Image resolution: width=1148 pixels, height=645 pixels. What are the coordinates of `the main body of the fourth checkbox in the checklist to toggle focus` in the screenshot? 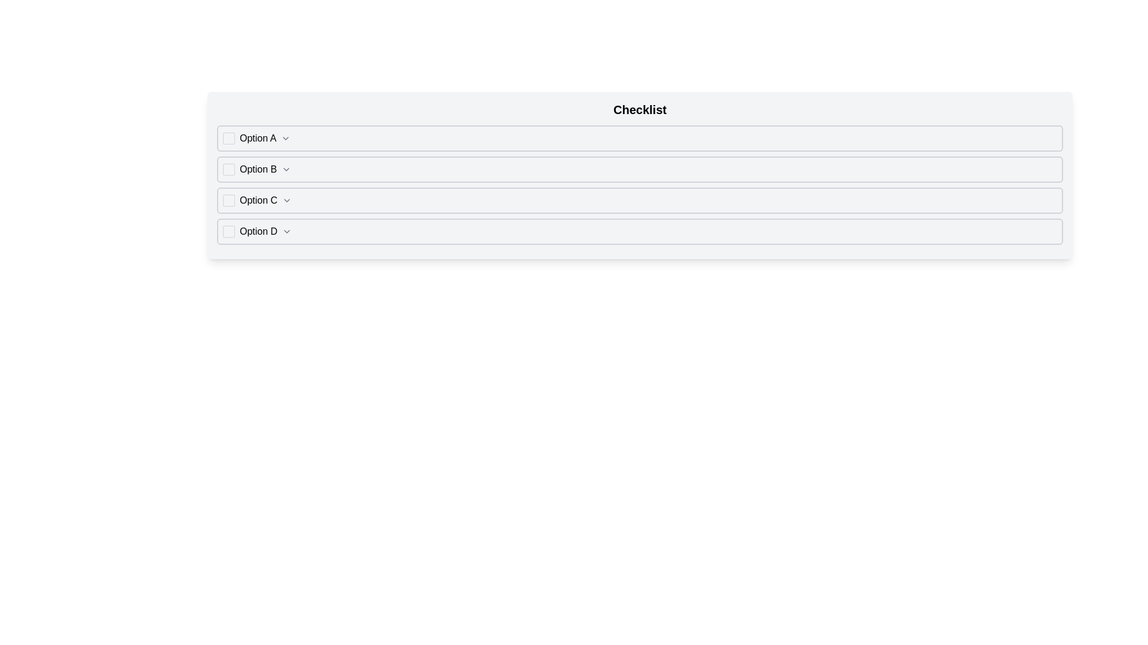 It's located at (639, 232).